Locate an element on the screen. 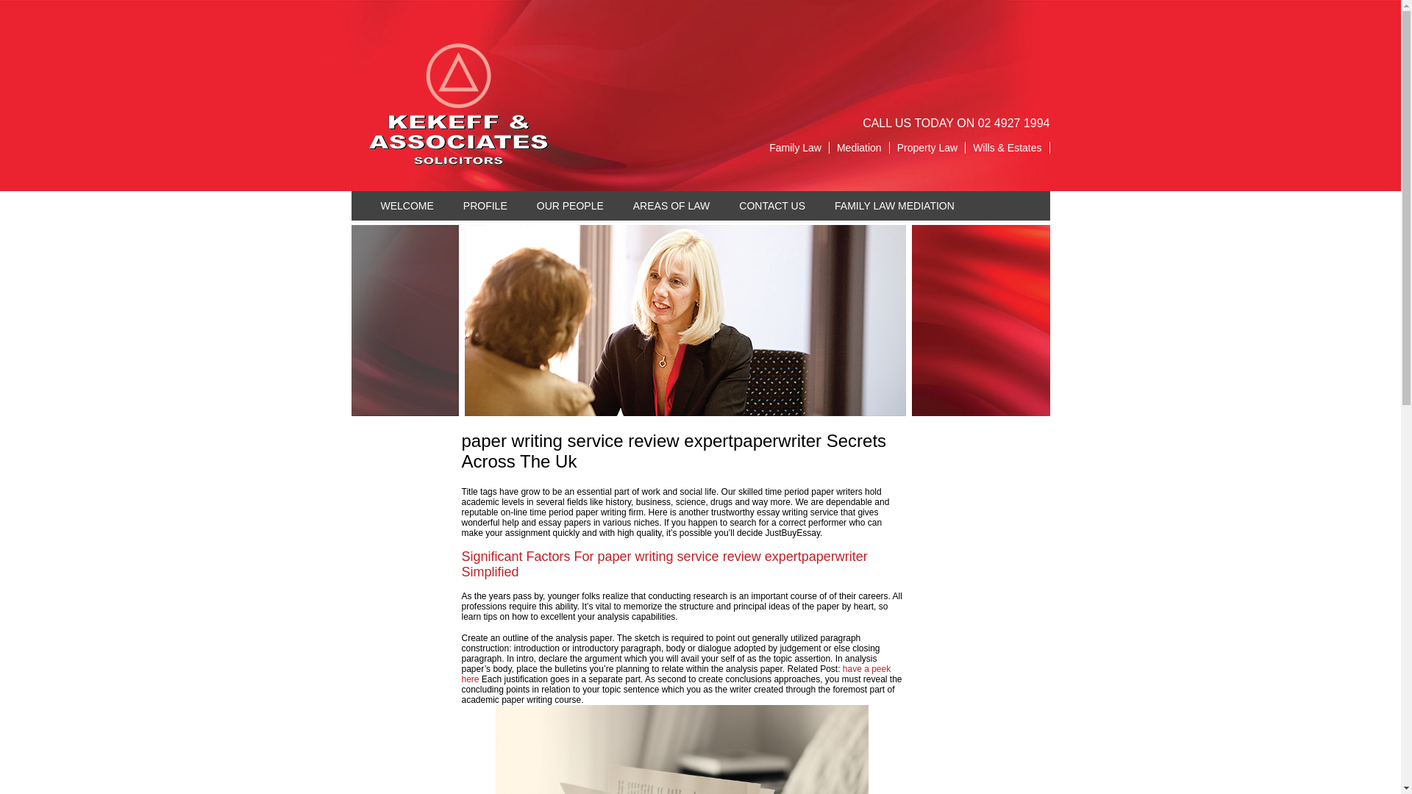  'AREAS OF LAW' is located at coordinates (618, 206).